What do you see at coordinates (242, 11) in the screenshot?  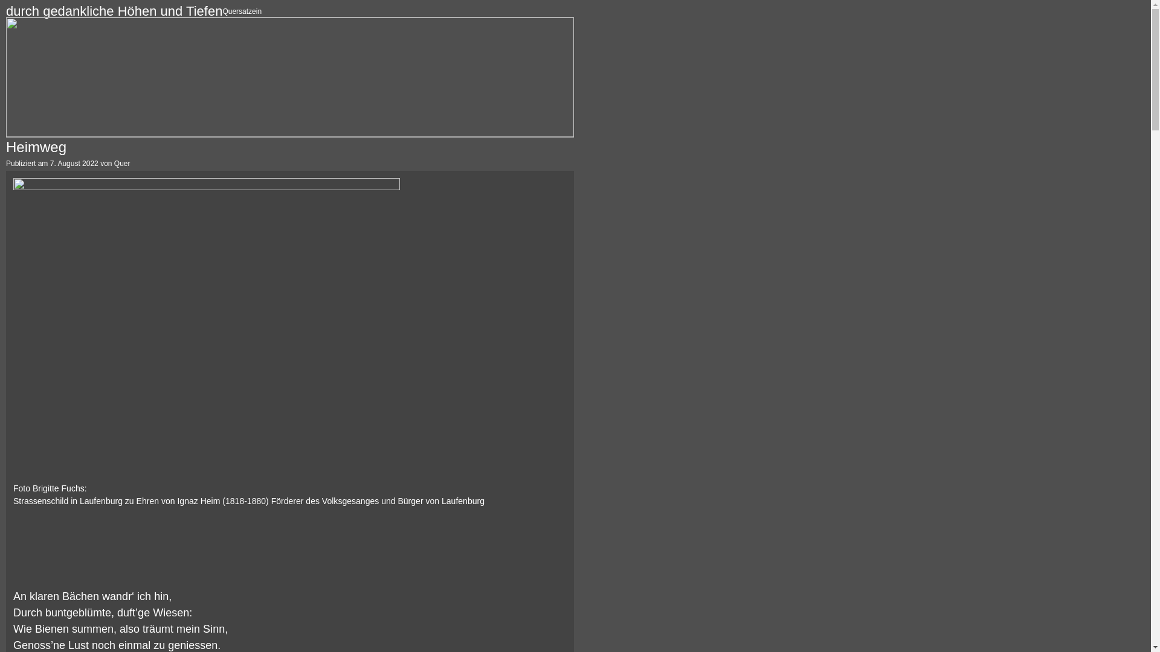 I see `'Quersatzein'` at bounding box center [242, 11].